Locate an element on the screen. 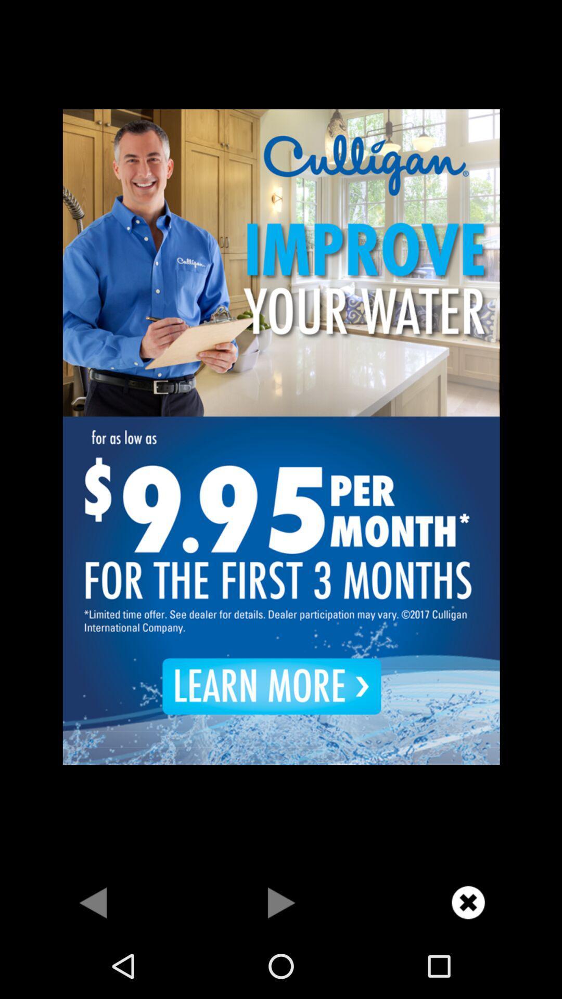 This screenshot has width=562, height=999. playing option is located at coordinates (281, 902).